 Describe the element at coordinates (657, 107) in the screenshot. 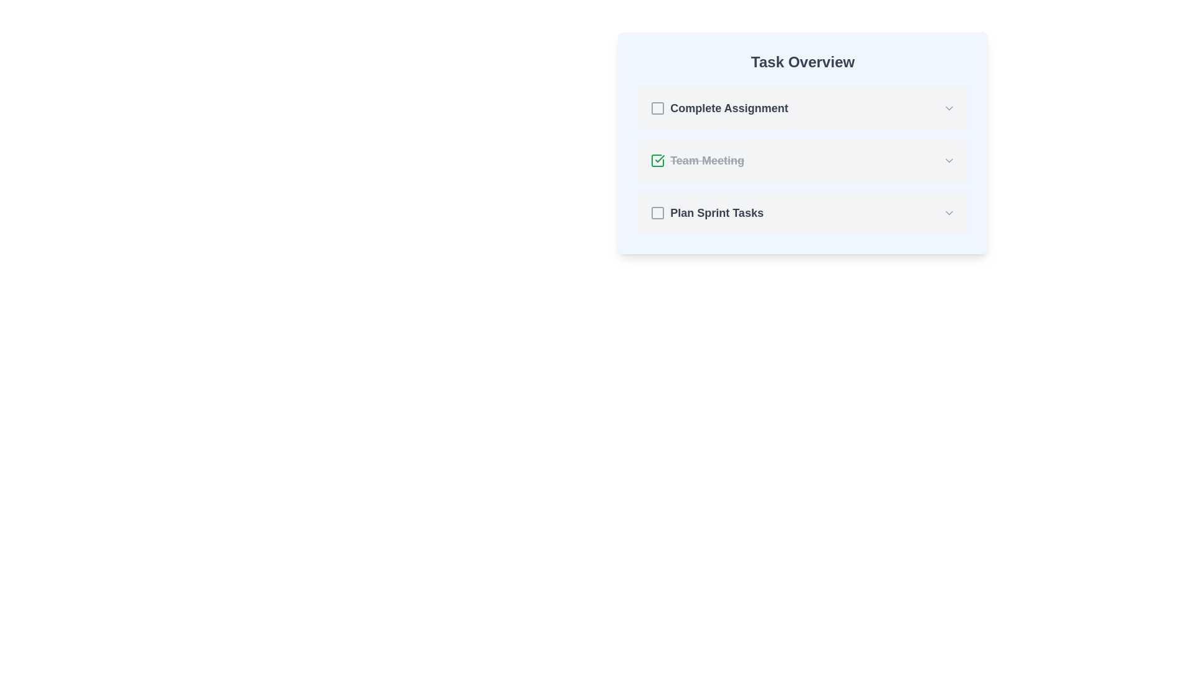

I see `the square-shaped checkbox located in front of the 'Complete Assignment' text in the task overview interface` at that location.